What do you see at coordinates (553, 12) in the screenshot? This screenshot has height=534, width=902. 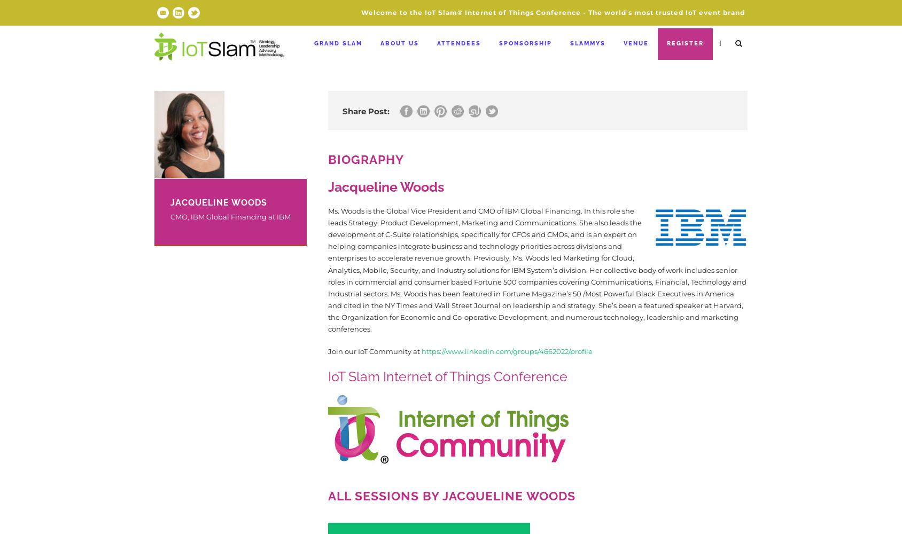 I see `'Welcome to the IoT Slam® Internet of Things Conference - The world's most trusted IoT event brand'` at bounding box center [553, 12].